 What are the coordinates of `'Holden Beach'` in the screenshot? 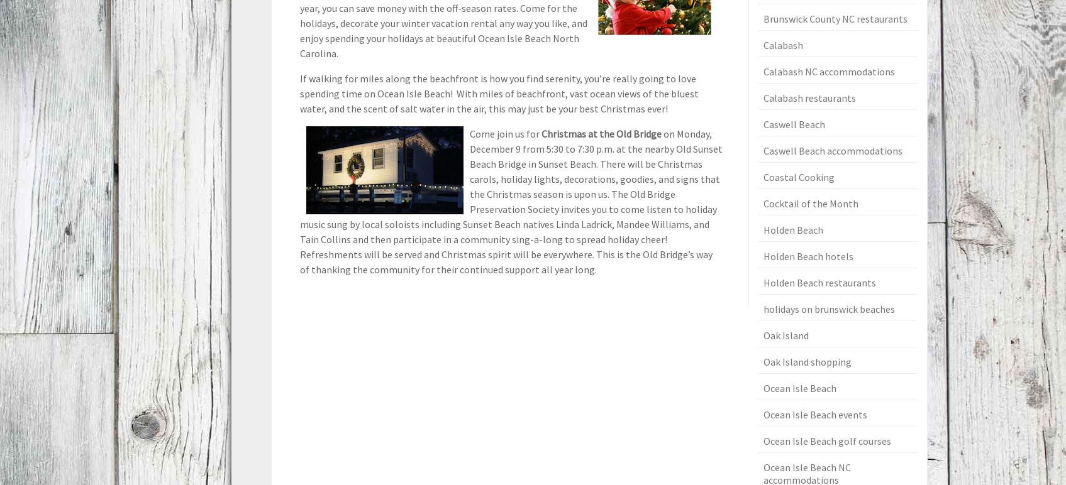 It's located at (792, 229).